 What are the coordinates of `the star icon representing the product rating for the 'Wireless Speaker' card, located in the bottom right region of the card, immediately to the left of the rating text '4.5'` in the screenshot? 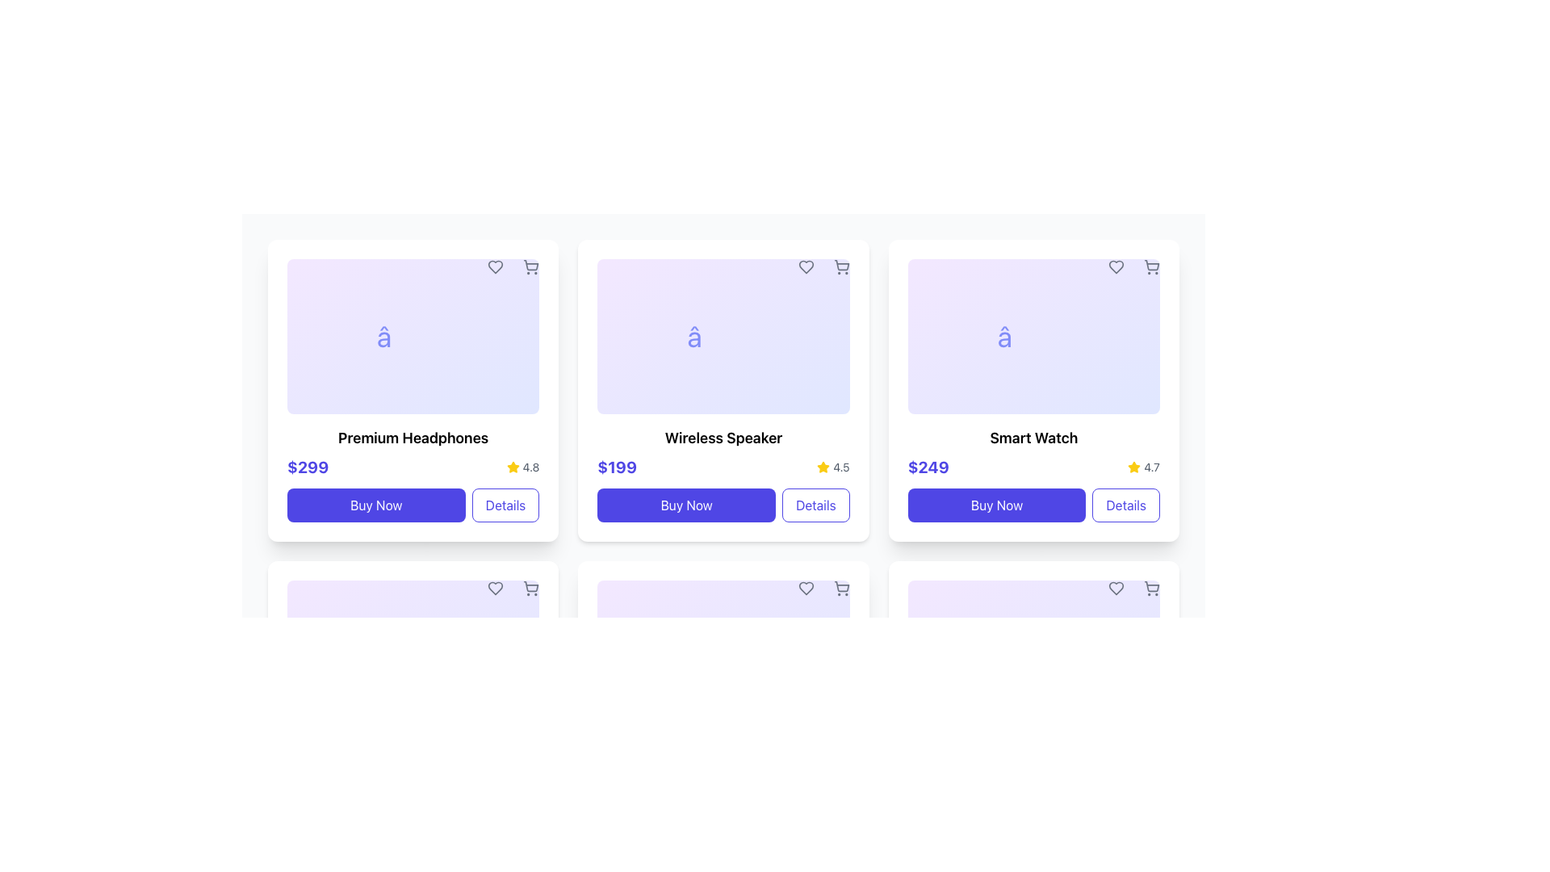 It's located at (823, 467).